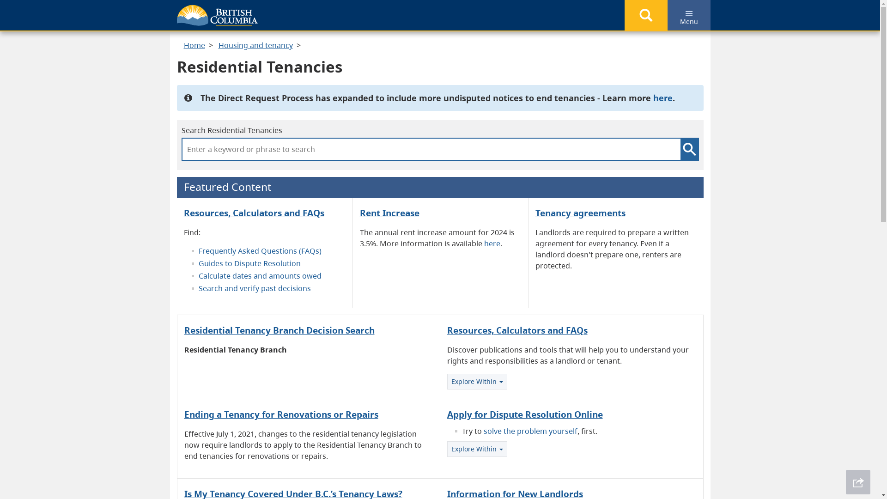  Describe the element at coordinates (579, 213) in the screenshot. I see `'Tenancy agreements'` at that location.